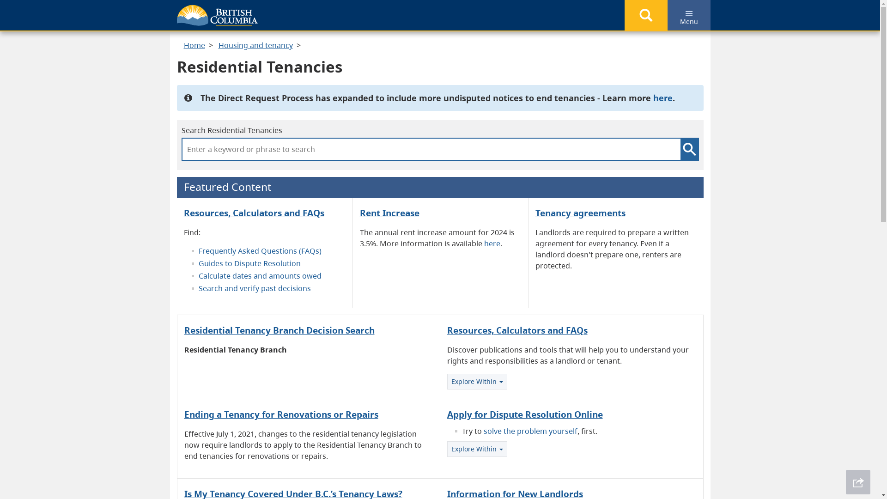  Describe the element at coordinates (579, 213) in the screenshot. I see `'Tenancy agreements'` at that location.